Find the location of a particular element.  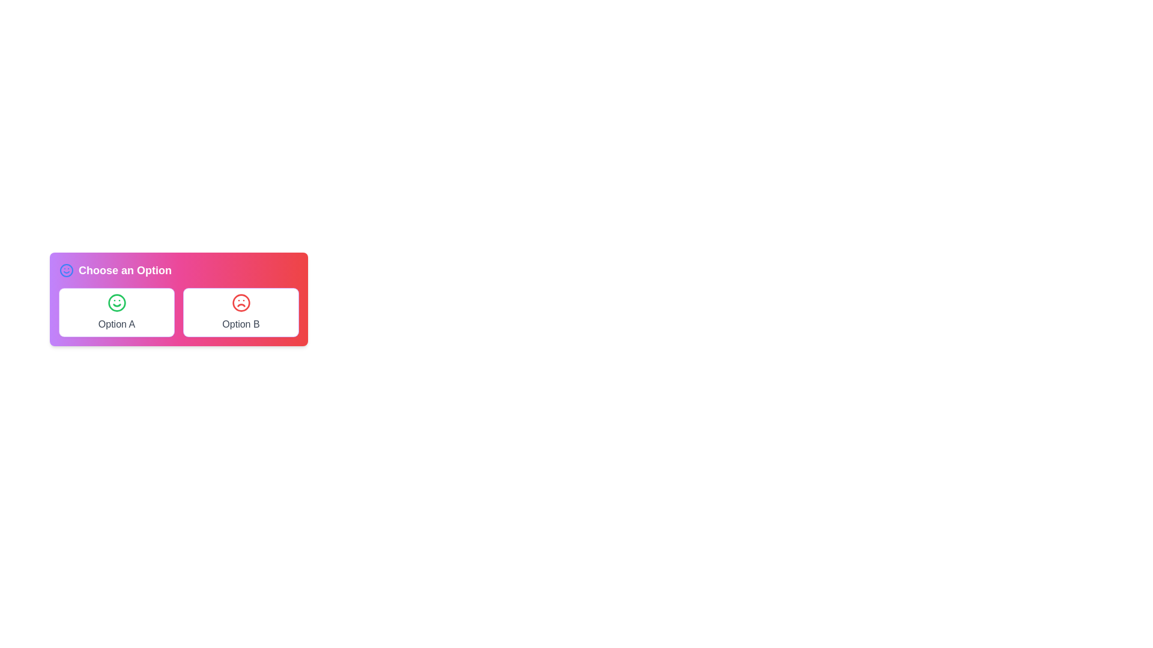

the text label indicating the first selectable option in a two-choice interface, located on the left side beneath a green smiley face icon is located at coordinates (117, 324).